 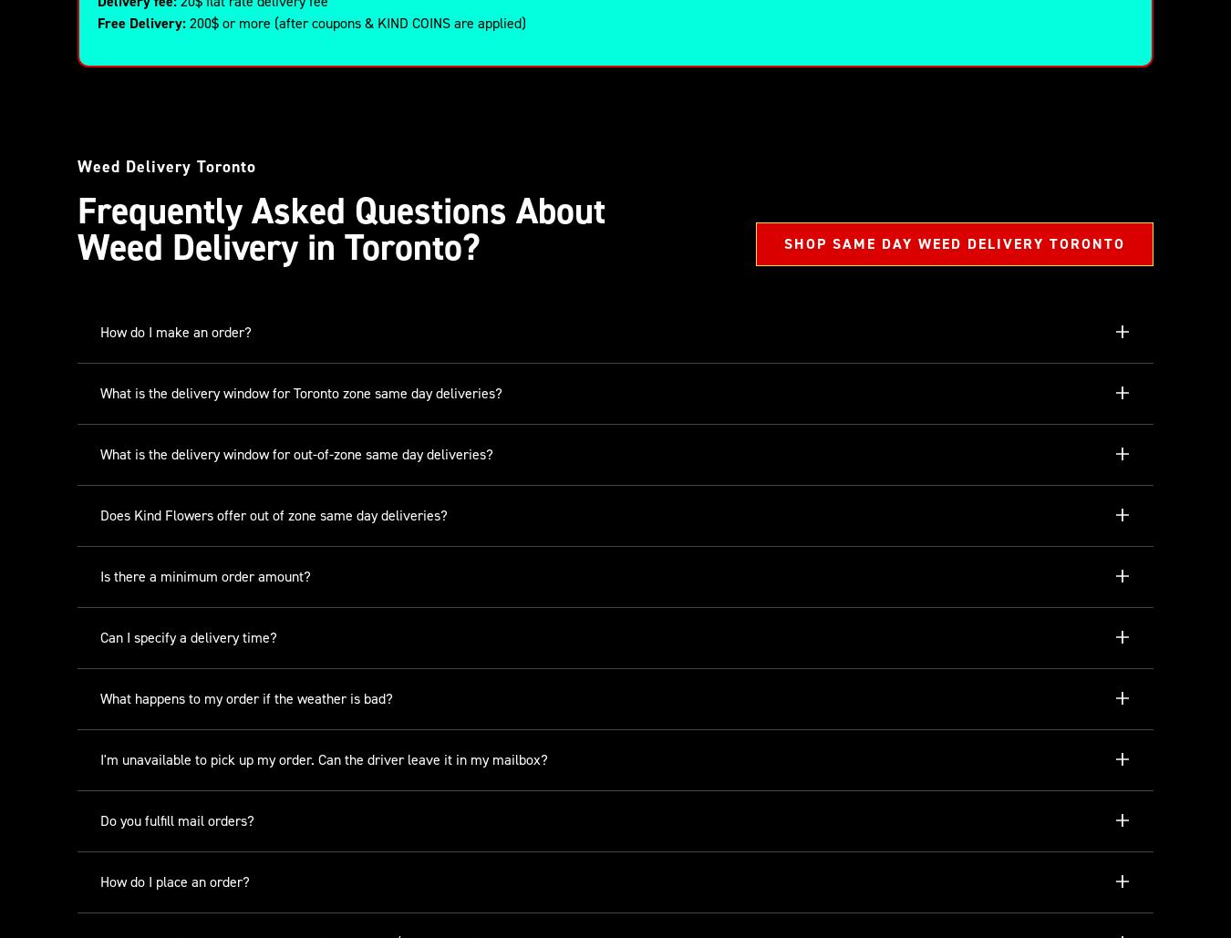 What do you see at coordinates (273, 514) in the screenshot?
I see `'Does Kind Flowers offer out of zone same day deliveries?'` at bounding box center [273, 514].